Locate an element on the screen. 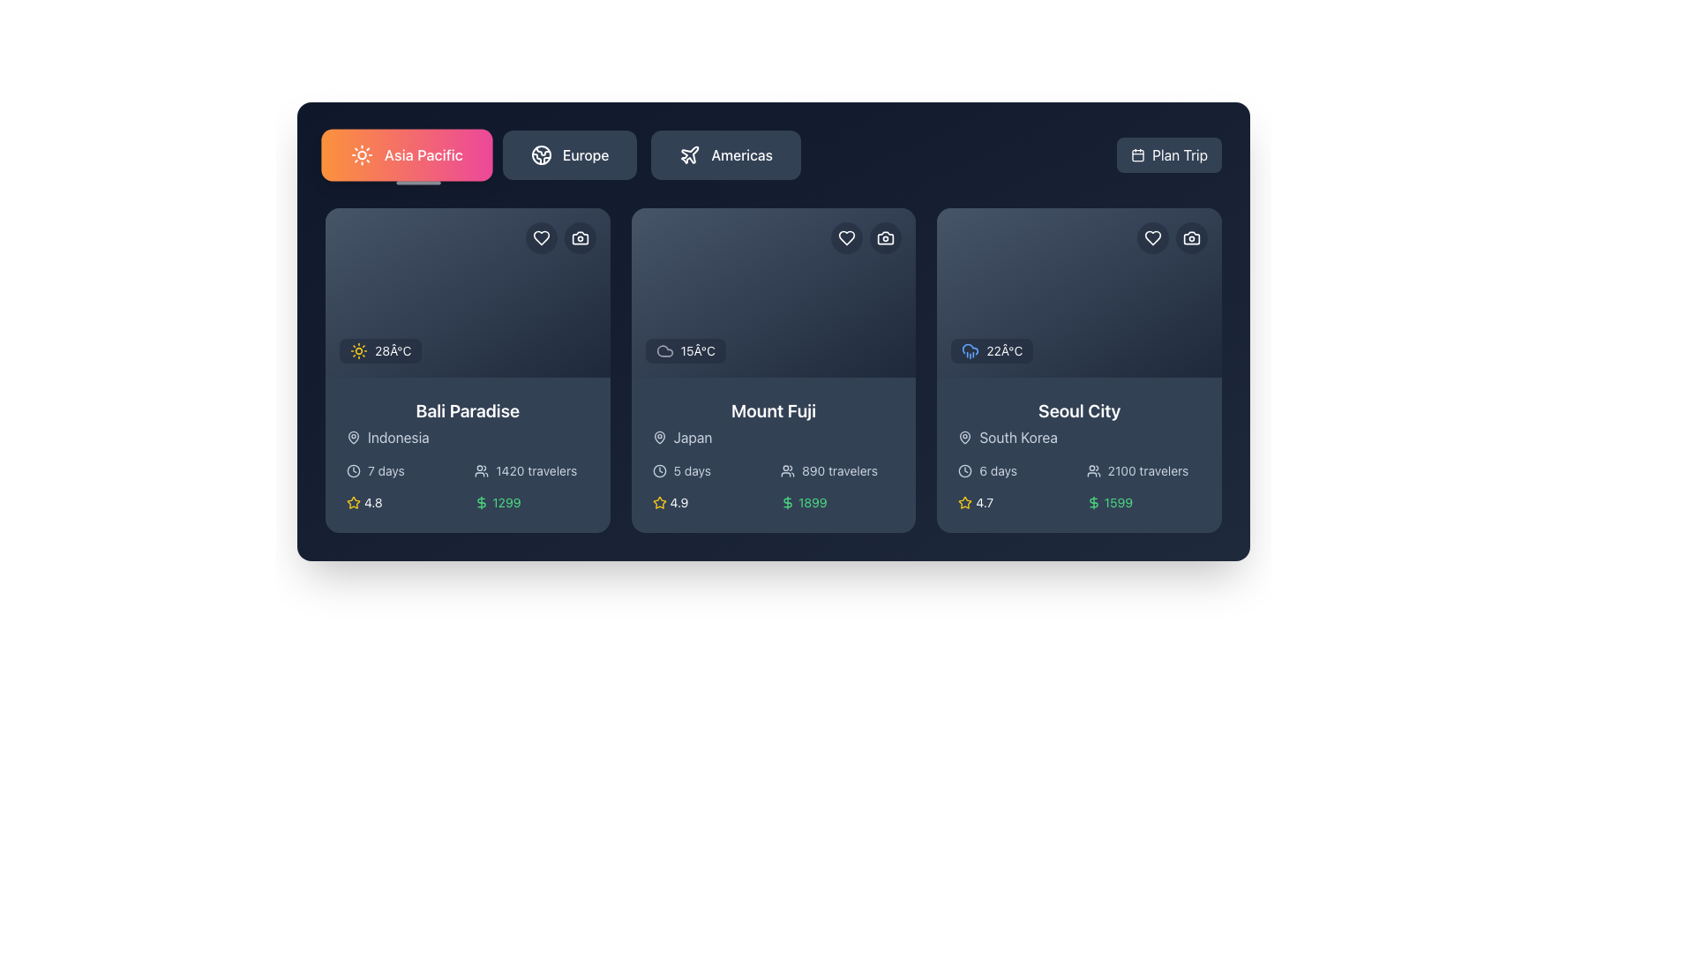 This screenshot has width=1694, height=953. the text label displaying the duration value ('5 days') for the highlighted travel destination 'Mount Fuji', located below 'Japan' in the second card from the left is located at coordinates (691, 469).